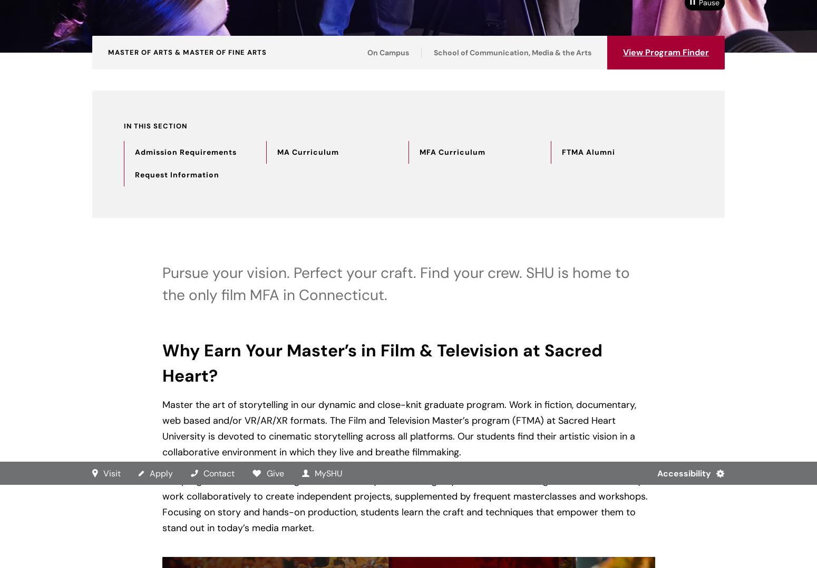 The width and height of the screenshot is (817, 568). Describe the element at coordinates (177, 175) in the screenshot. I see `'Request Information'` at that location.